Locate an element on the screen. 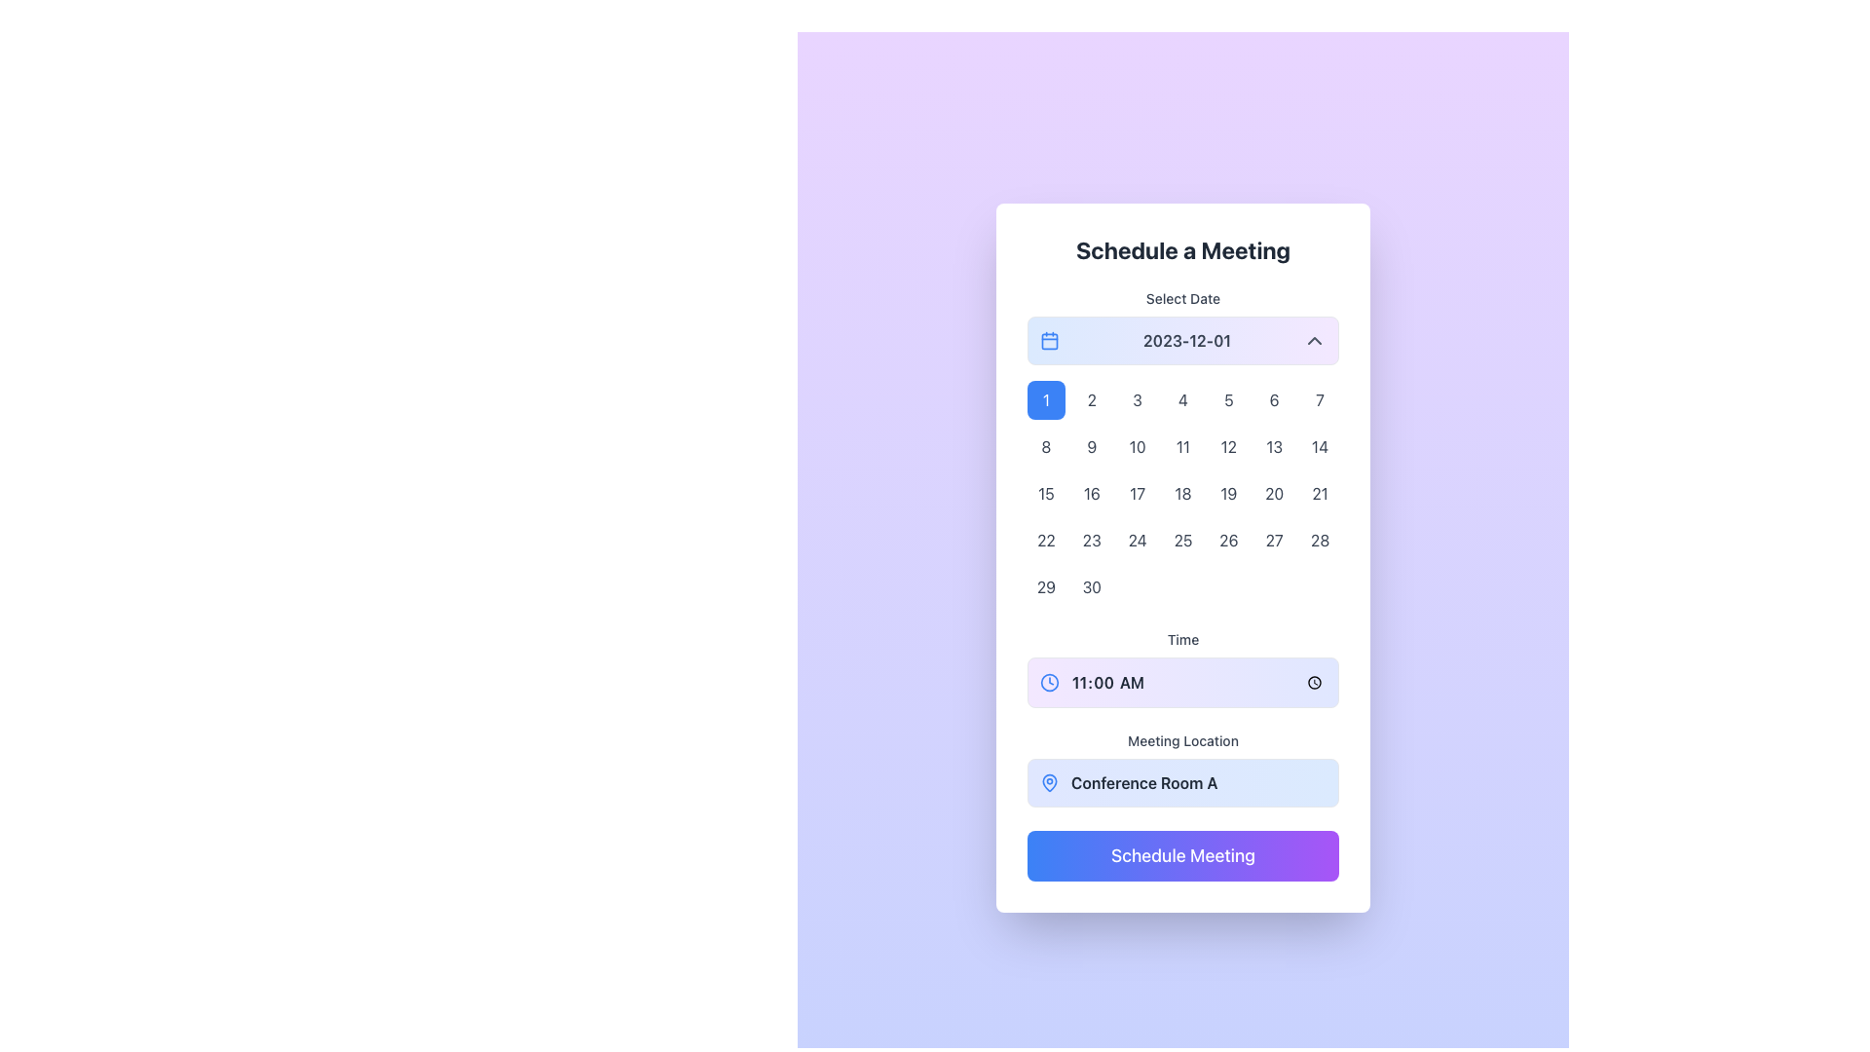  the light gray button with the digit '2' in a gray font, located in the second position of the first row of a calendar grid is located at coordinates (1092, 399).